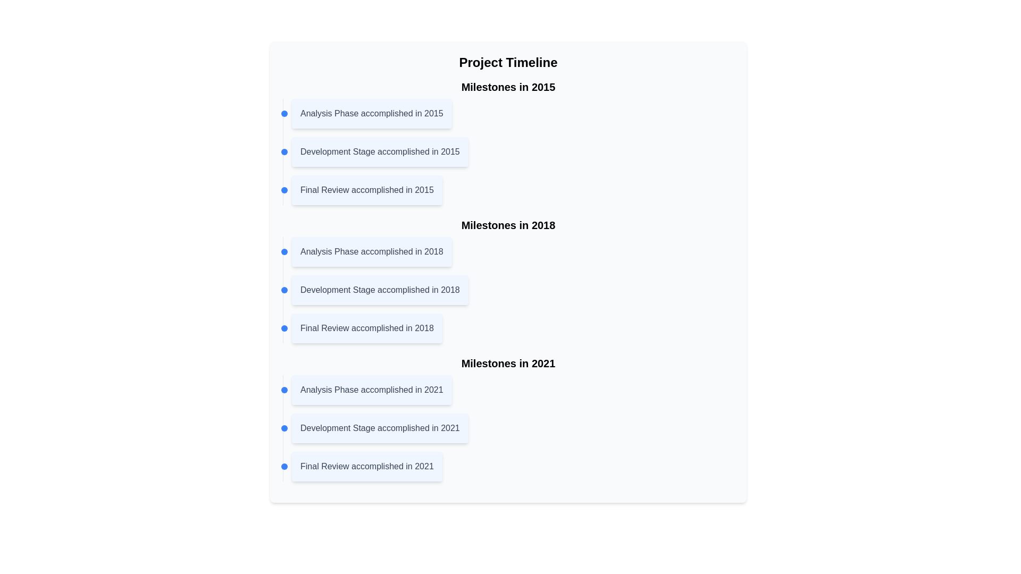 Image resolution: width=1021 pixels, height=574 pixels. Describe the element at coordinates (284, 151) in the screenshot. I see `the small circular blue indicator that is aligned to the left of the text 'Development Stage accomplished in 2015'` at that location.